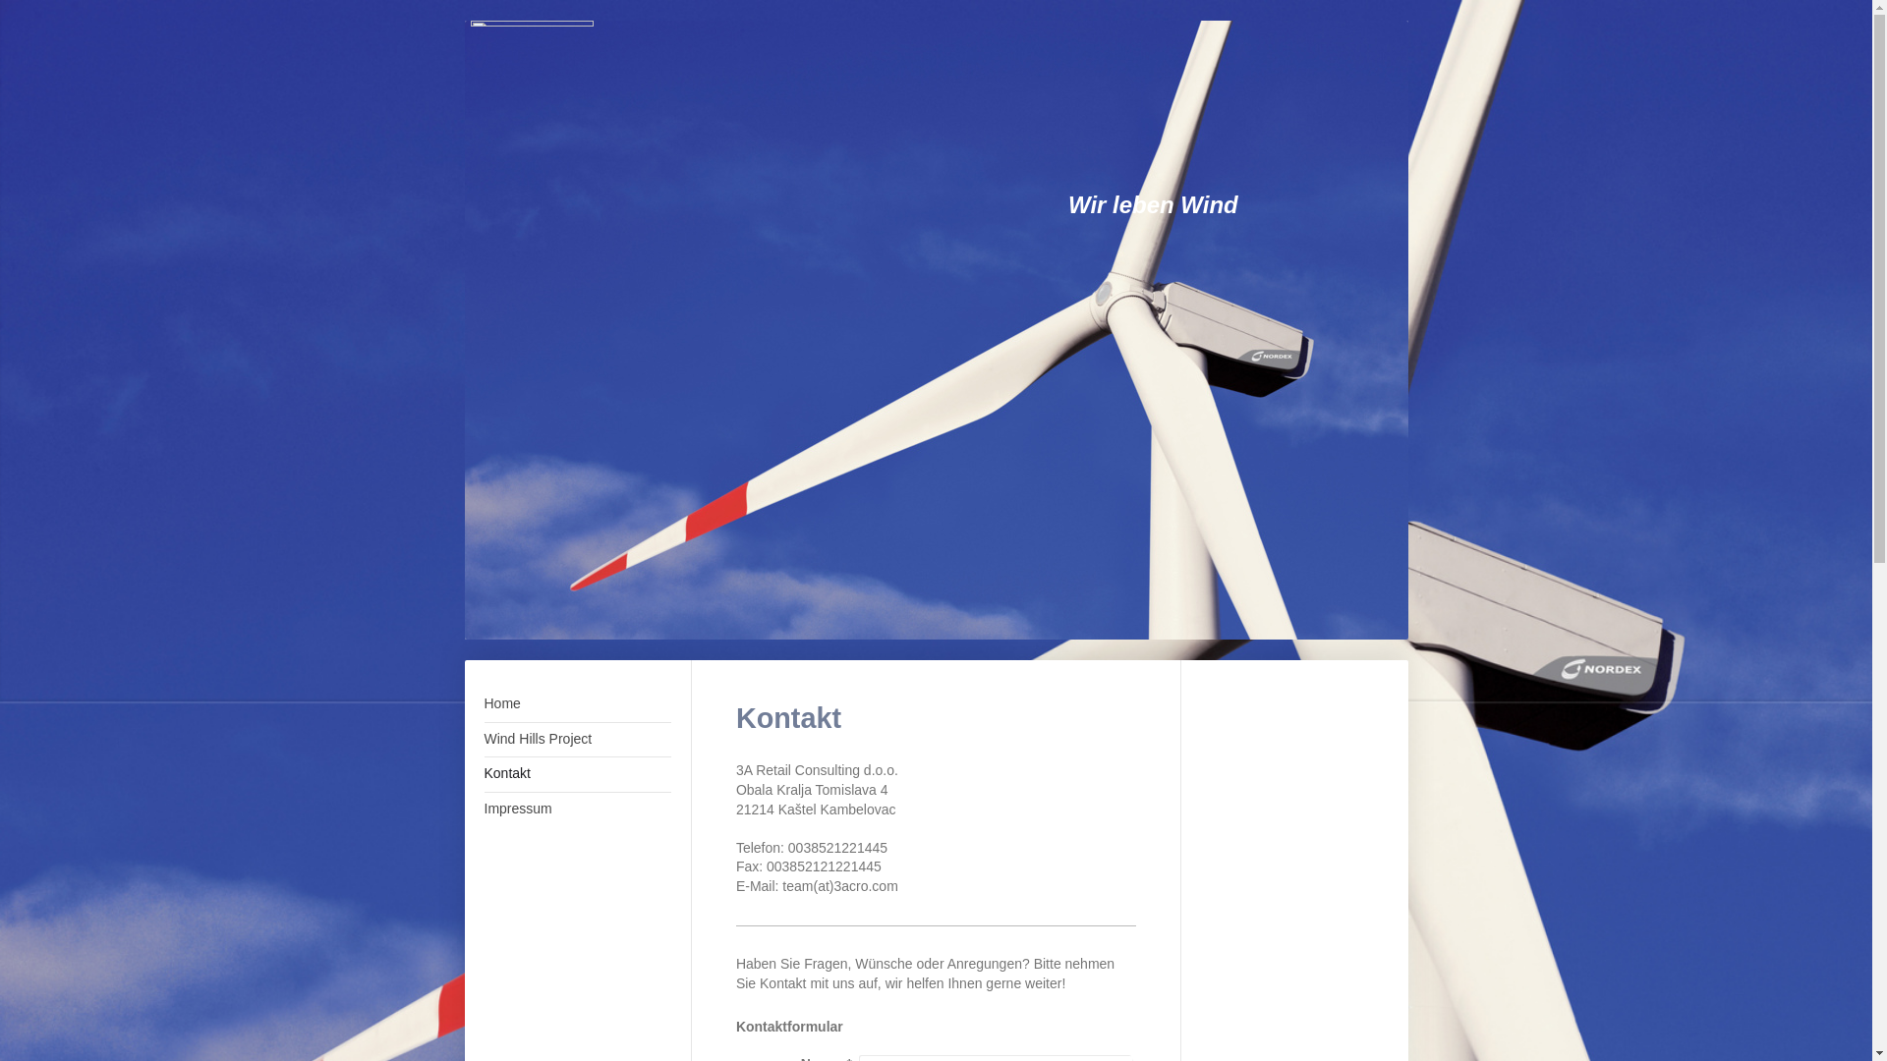  What do you see at coordinates (575, 810) in the screenshot?
I see `'Impressum'` at bounding box center [575, 810].